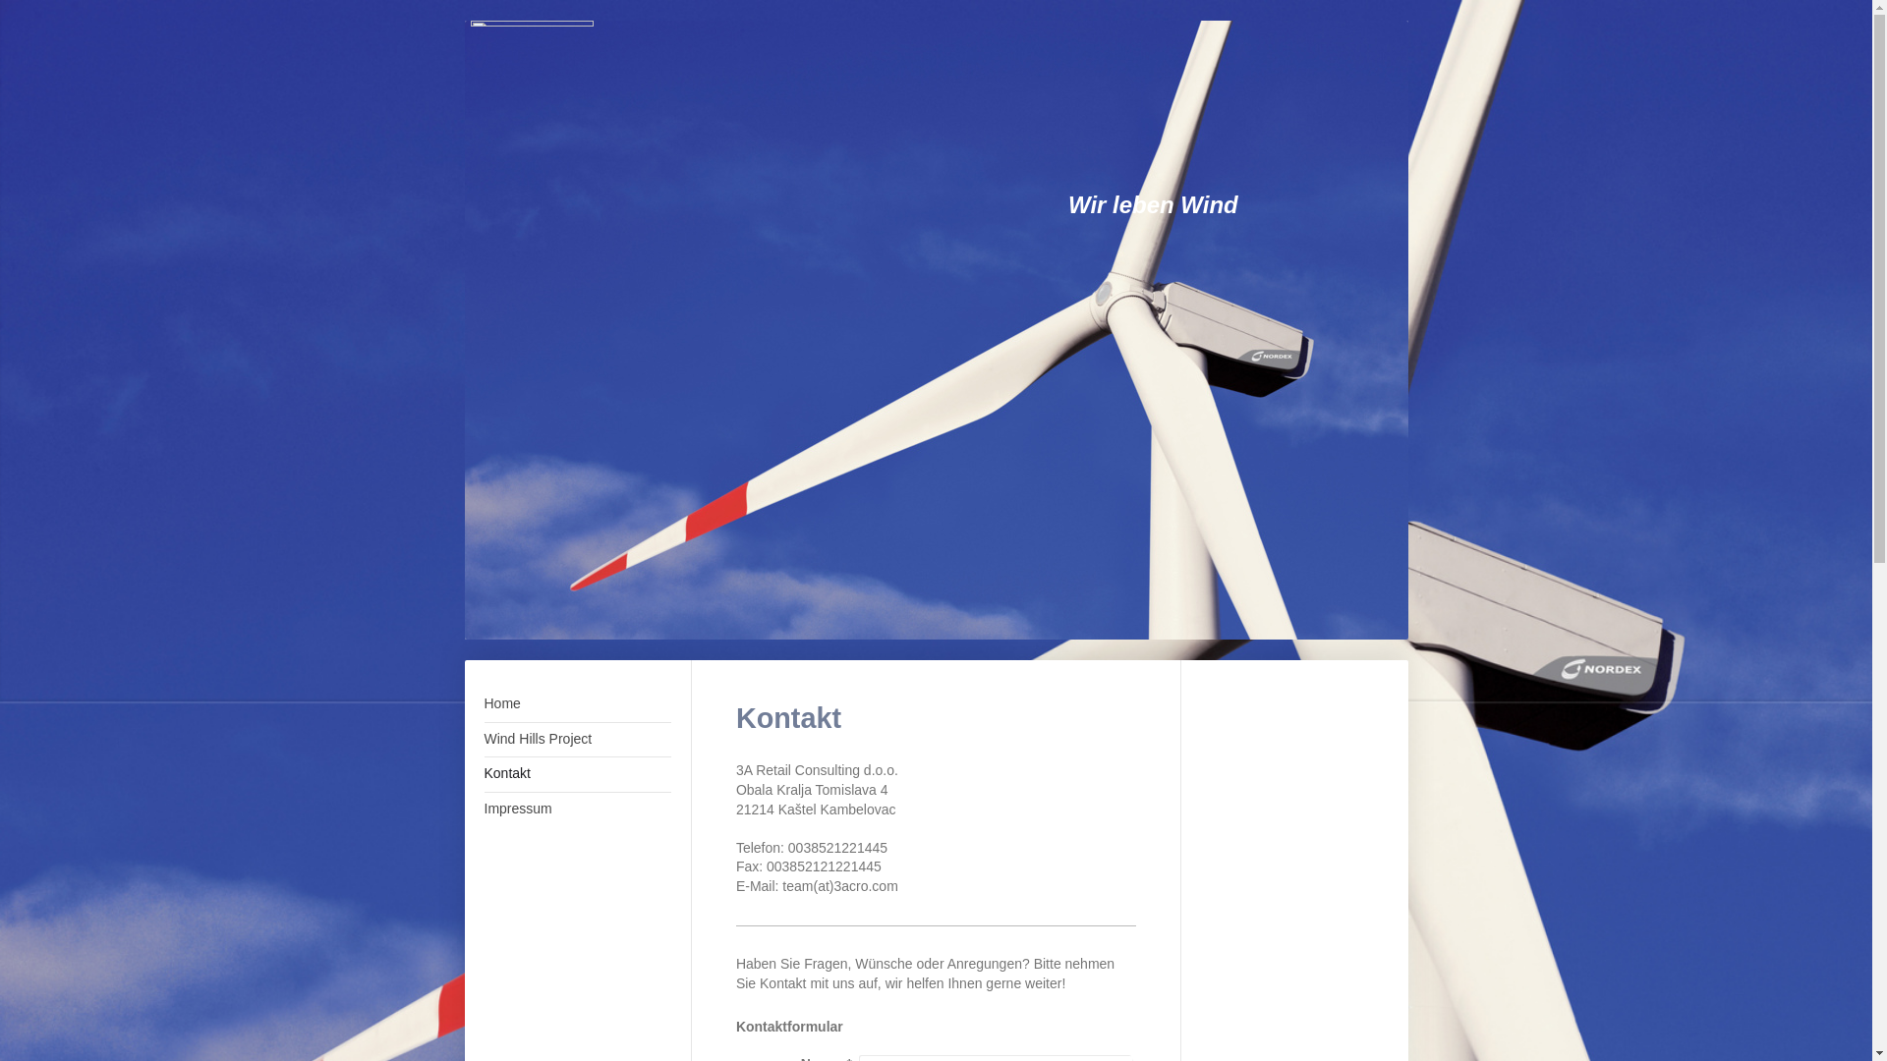  What do you see at coordinates (575, 810) in the screenshot?
I see `'Impressum'` at bounding box center [575, 810].